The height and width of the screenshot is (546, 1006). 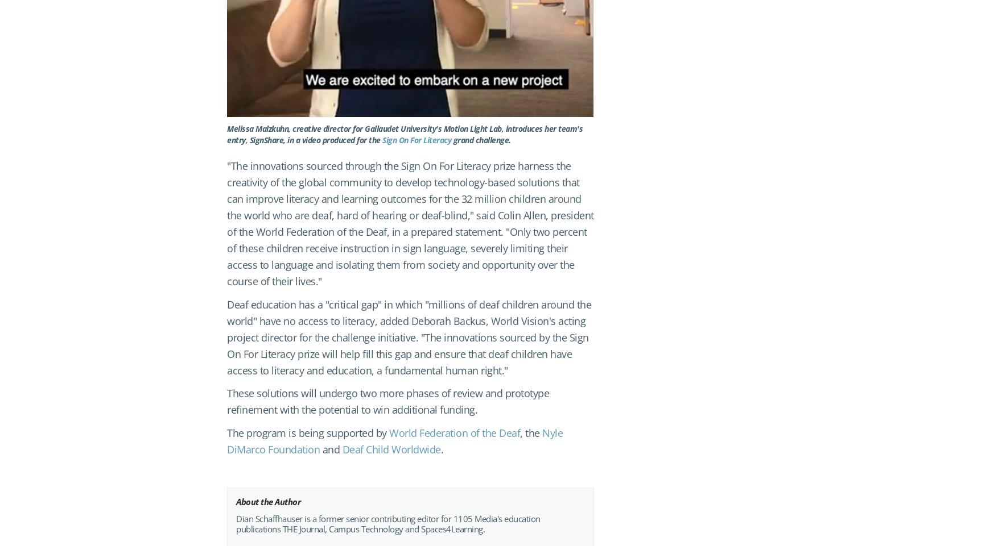 I want to click on 'Nyle DiMarco Foundation', so click(x=394, y=440).